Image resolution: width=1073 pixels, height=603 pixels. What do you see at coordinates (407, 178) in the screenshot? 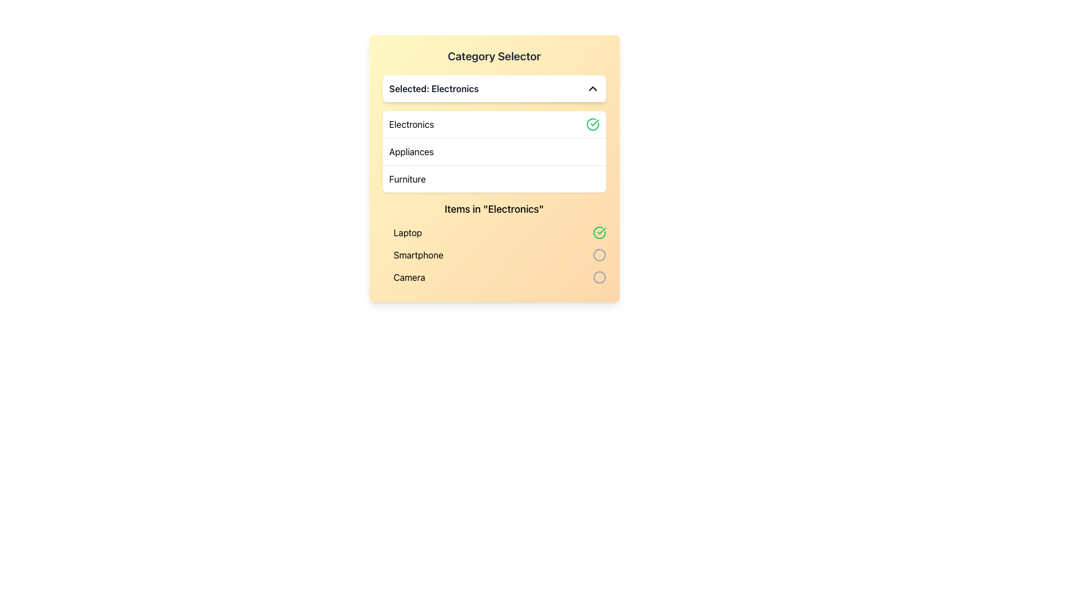
I see `the 'Furniture' option in the category selector dropdown, which is the third visible item in the list` at bounding box center [407, 178].